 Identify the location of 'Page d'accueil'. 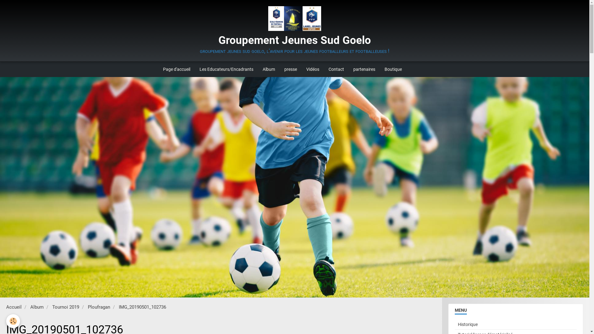
(158, 69).